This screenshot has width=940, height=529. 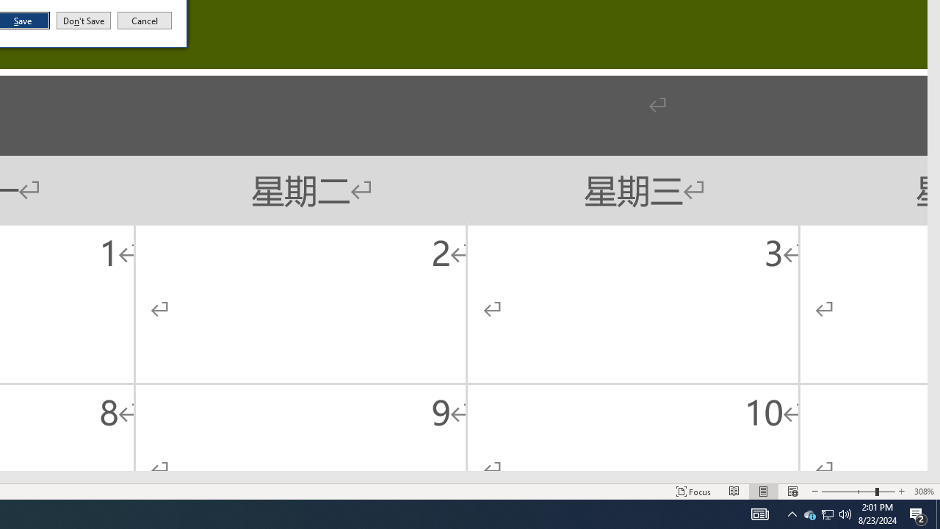 I want to click on 'AutomationID: 4105', so click(x=734, y=492).